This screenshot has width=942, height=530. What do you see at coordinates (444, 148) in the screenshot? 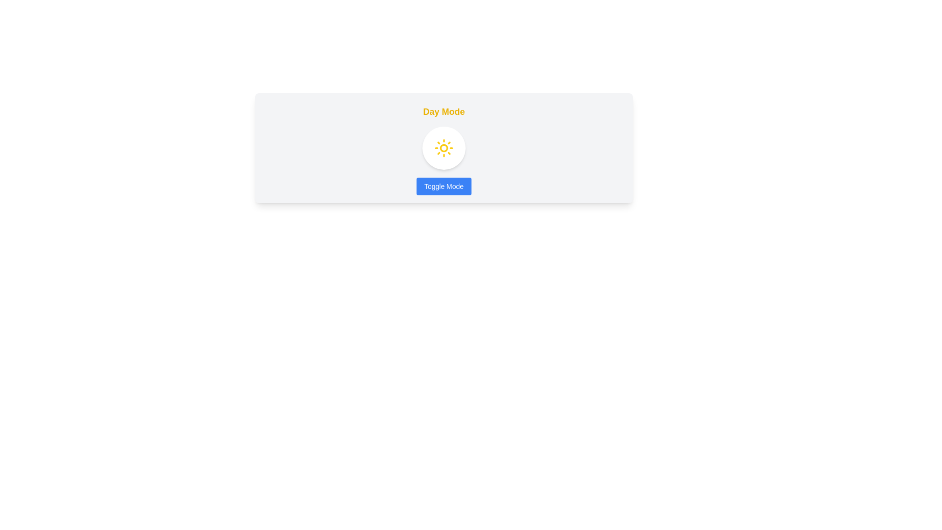
I see `the day mode icon button located centrally below the 'Day Mode' label and above the 'Toggle Mode' button` at bounding box center [444, 148].